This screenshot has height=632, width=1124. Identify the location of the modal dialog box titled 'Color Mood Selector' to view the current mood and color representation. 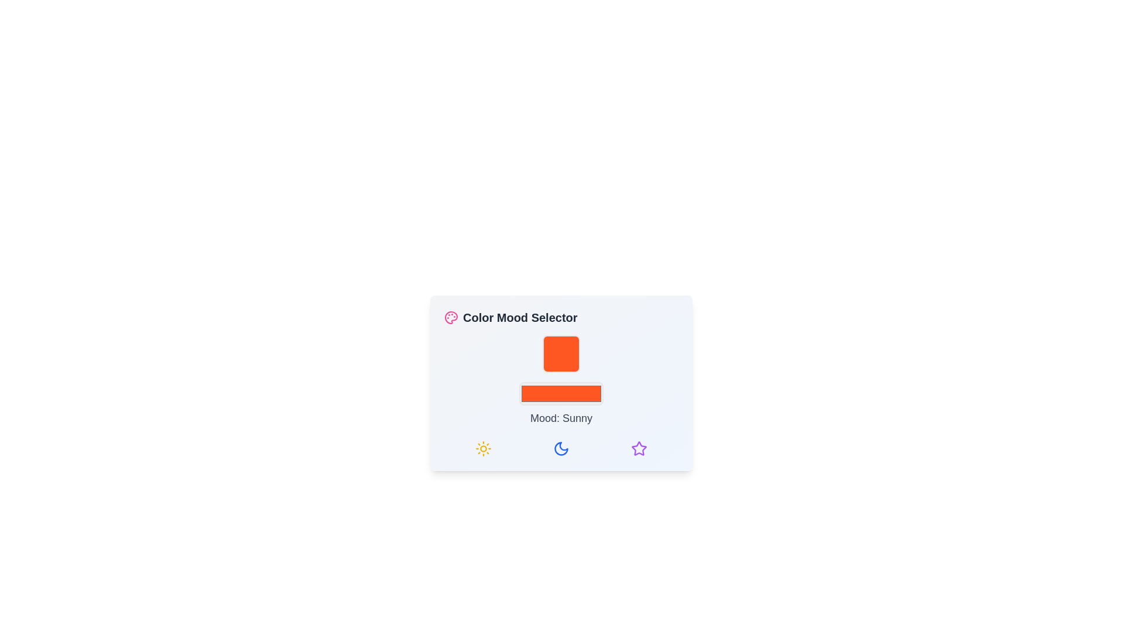
(561, 418).